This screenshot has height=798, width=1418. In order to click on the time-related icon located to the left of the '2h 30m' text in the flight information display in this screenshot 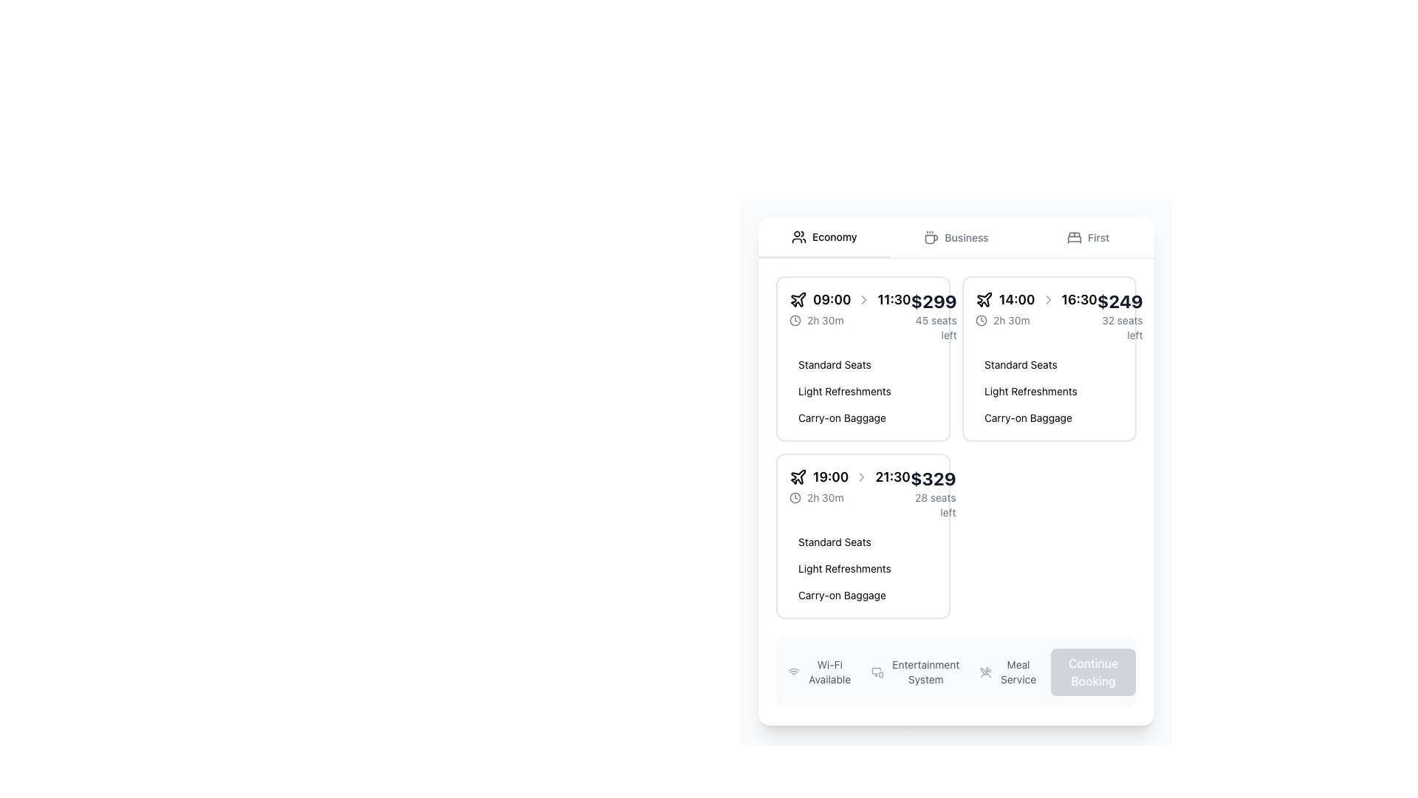, I will do `click(794, 498)`.